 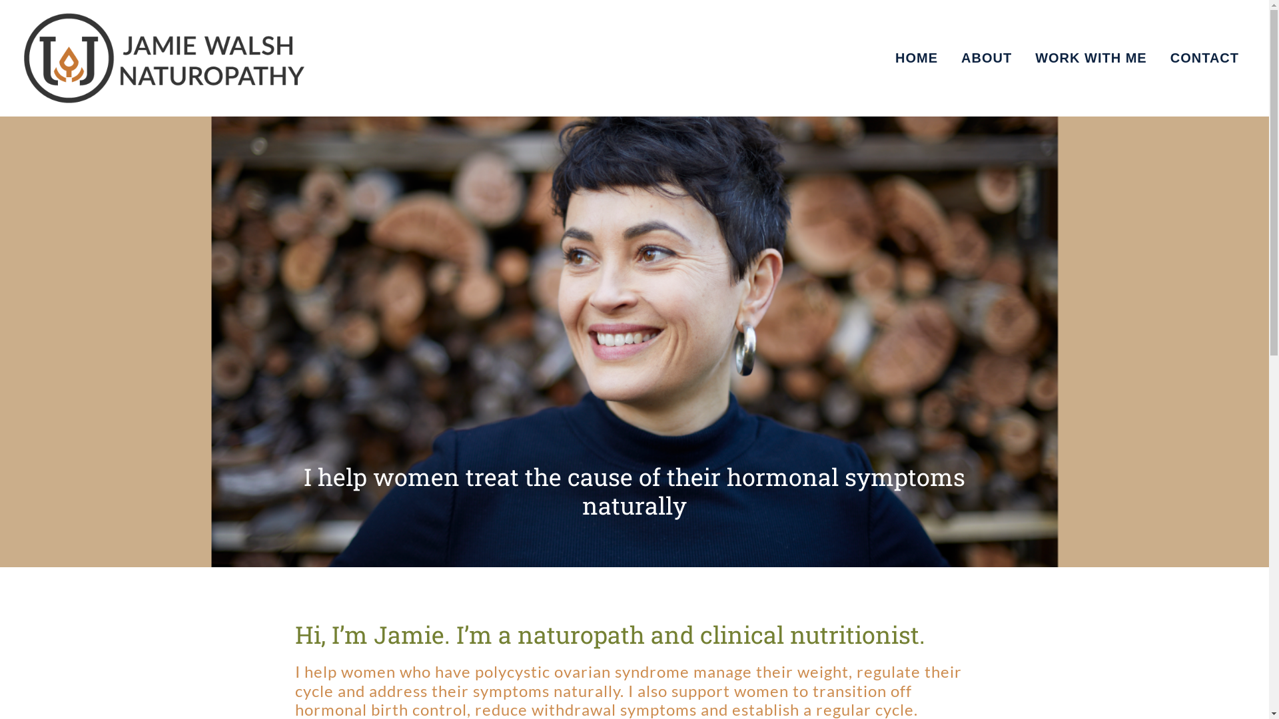 I want to click on 'WORK WITH ME', so click(x=1090, y=57).